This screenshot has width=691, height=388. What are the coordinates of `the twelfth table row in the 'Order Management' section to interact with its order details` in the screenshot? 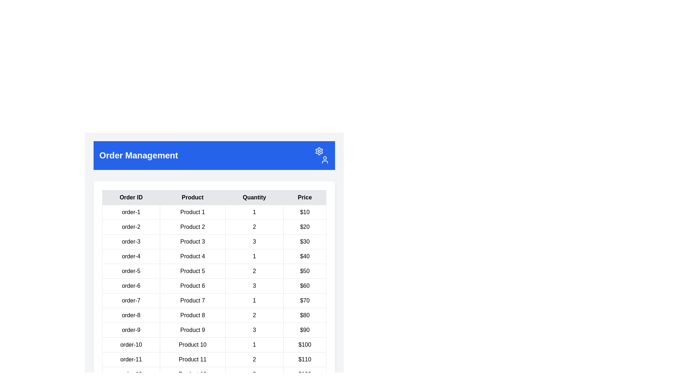 It's located at (214, 374).